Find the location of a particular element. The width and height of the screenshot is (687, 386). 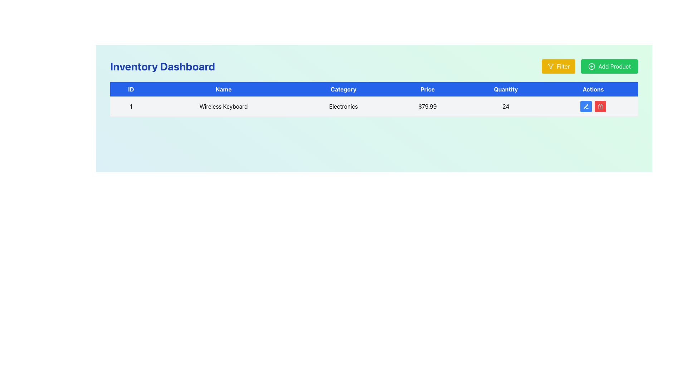

the 'Filter' button located at the top-right corner of the interface, adjacent to the 'Add Product' button, for keyboard navigation is located at coordinates (558, 66).